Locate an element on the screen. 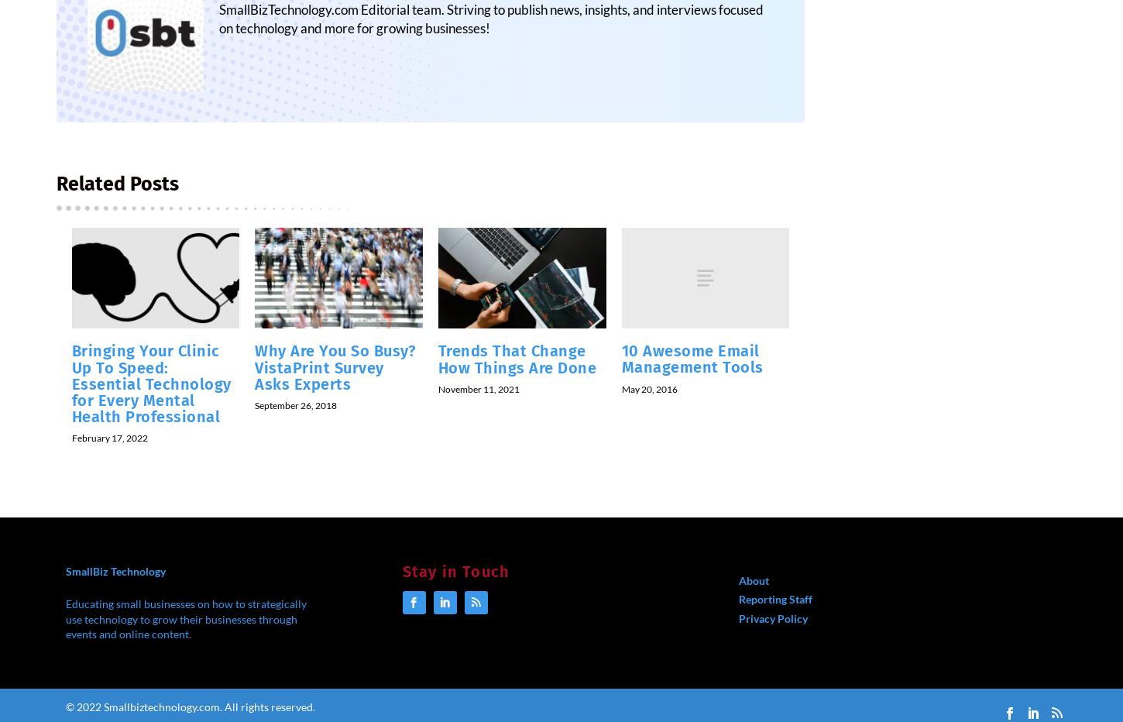 The width and height of the screenshot is (1123, 722). 'Reporting Staff' is located at coordinates (775, 609).